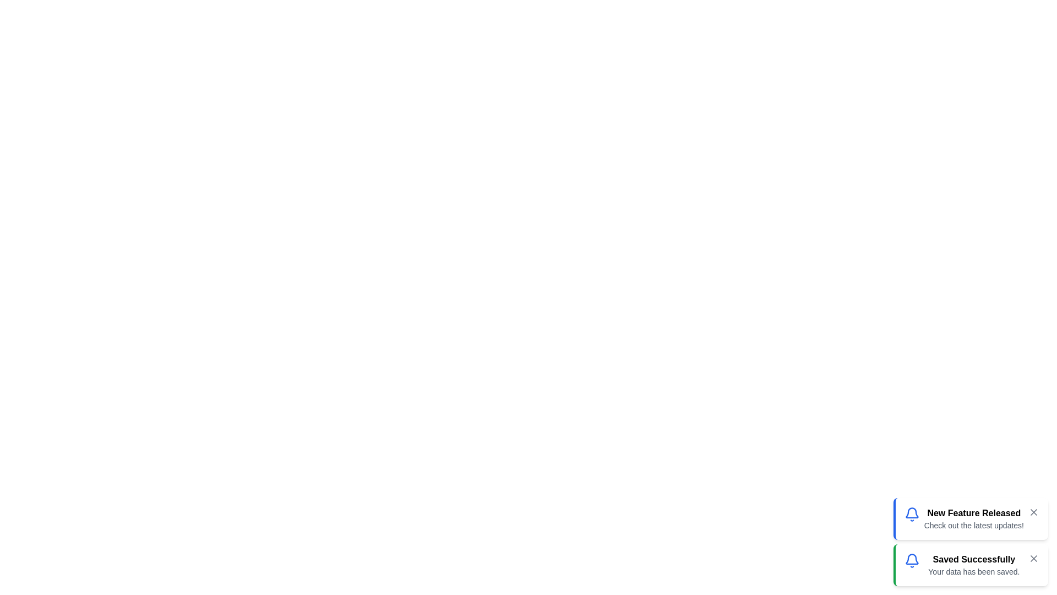  What do you see at coordinates (974, 524) in the screenshot?
I see `the non-interactive text label that provides additional information below the header 'New Feature Released' in the notification box` at bounding box center [974, 524].